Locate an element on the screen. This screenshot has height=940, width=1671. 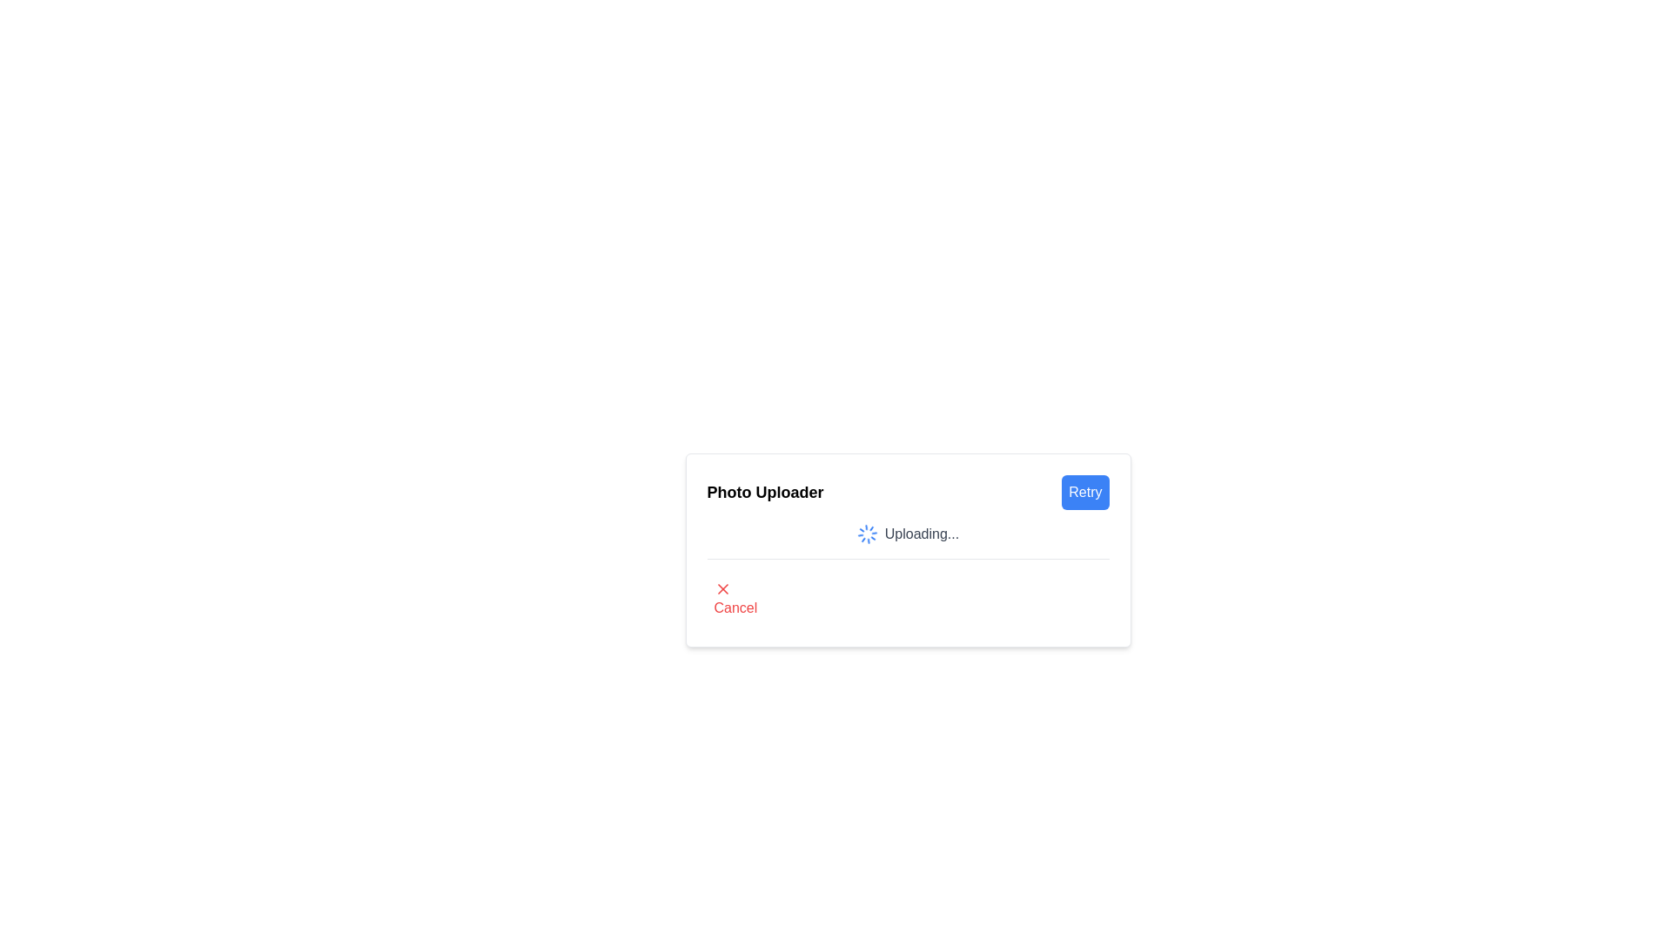
the 'Retry' button, which is a rectangular button with rounded corners, blue background, and white bold sans-serif text, located in the top-right corner of the 'Photo Uploader' section is located at coordinates (1084, 493).